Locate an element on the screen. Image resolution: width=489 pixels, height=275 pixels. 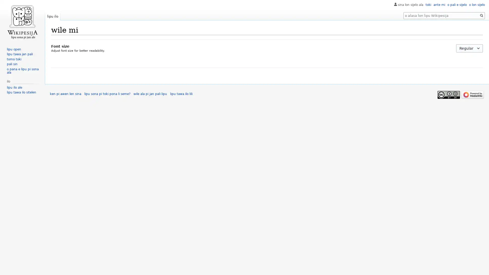
o tawa is located at coordinates (481, 15).